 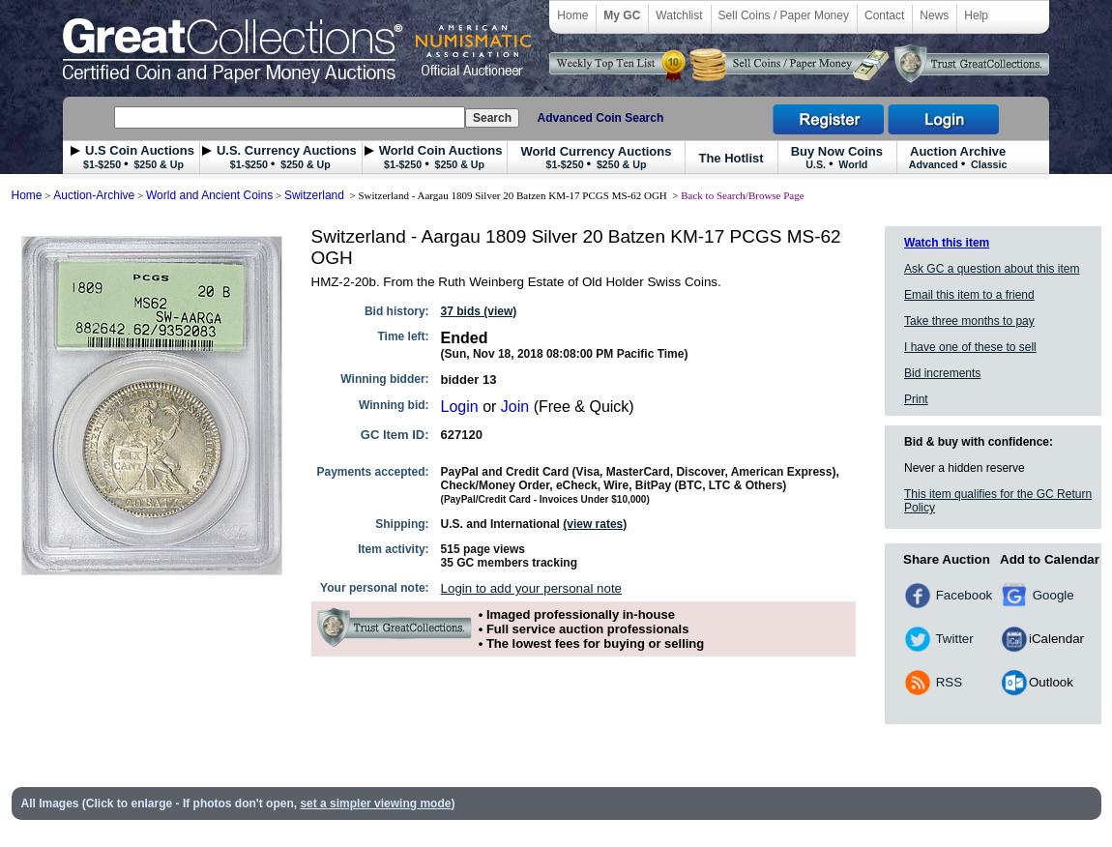 I want to click on 'HMZ-2-20b. From the Ruth Weinberg Estate of Old Holder Swiss Coins.', so click(x=515, y=281).